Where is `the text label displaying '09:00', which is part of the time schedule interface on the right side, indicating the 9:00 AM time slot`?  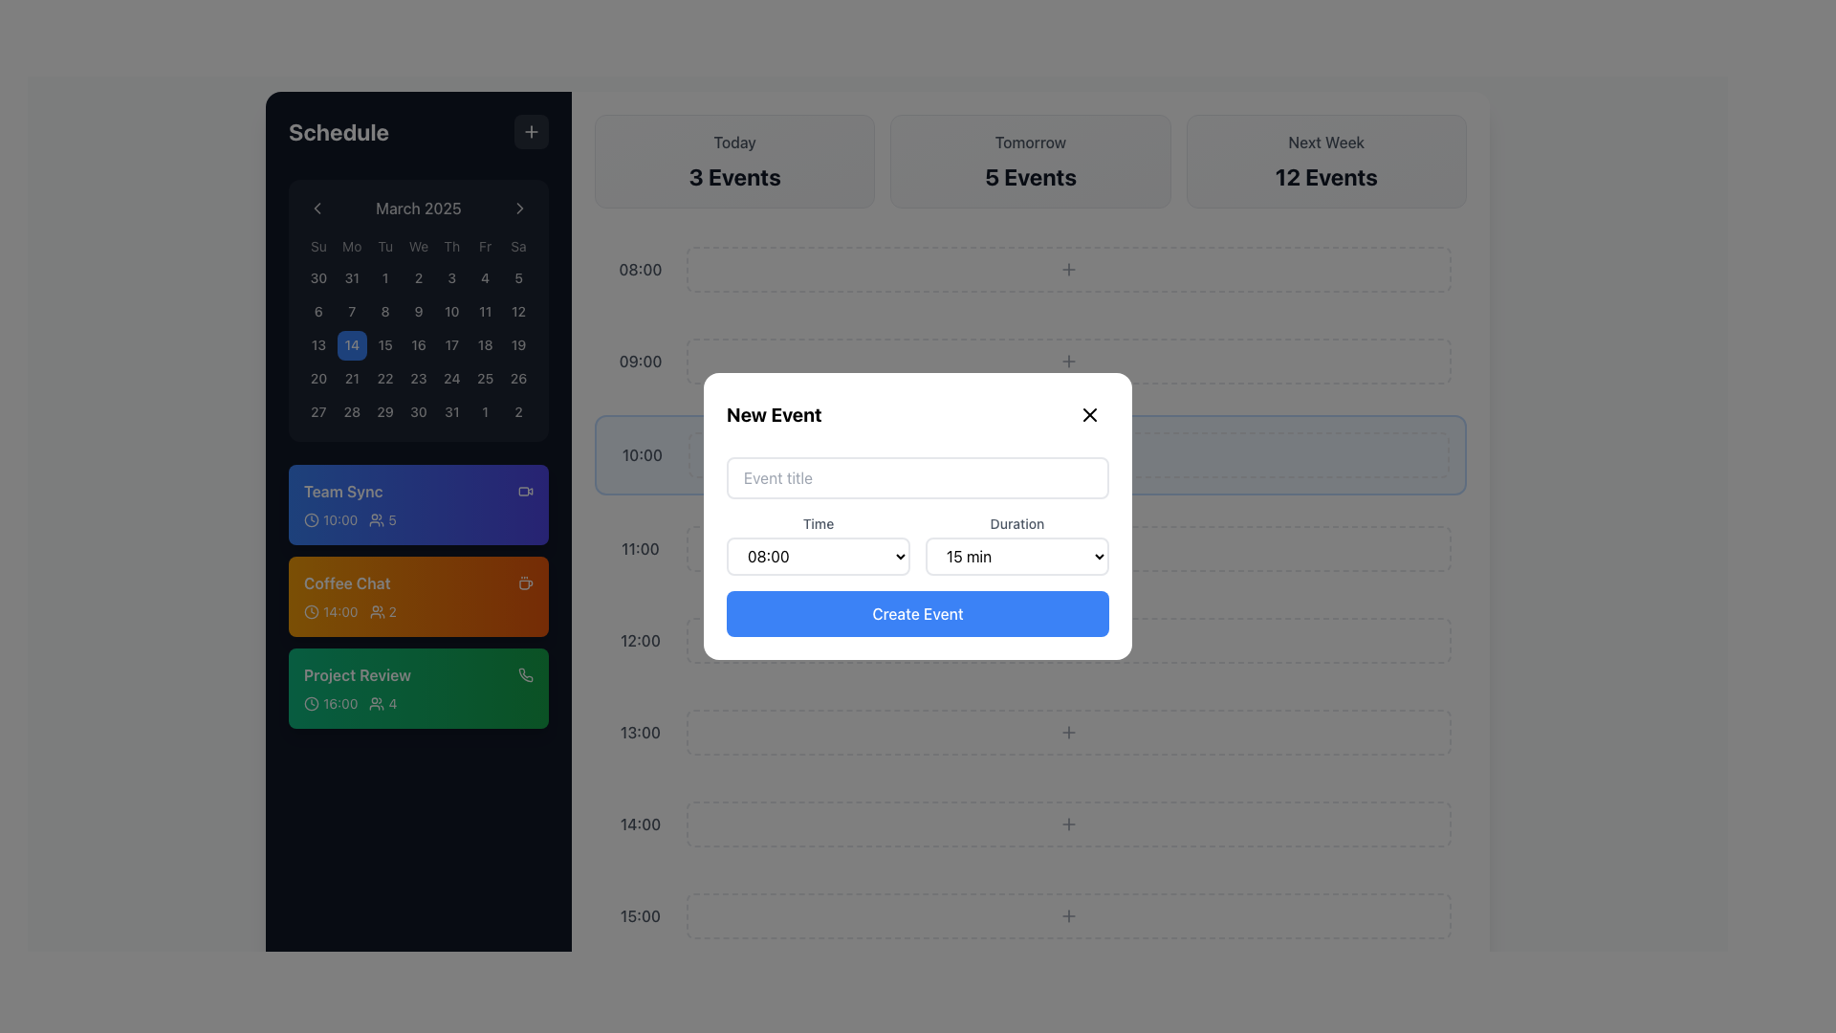
the text label displaying '09:00', which is part of the time schedule interface on the right side, indicating the 9:00 AM time slot is located at coordinates (641, 362).